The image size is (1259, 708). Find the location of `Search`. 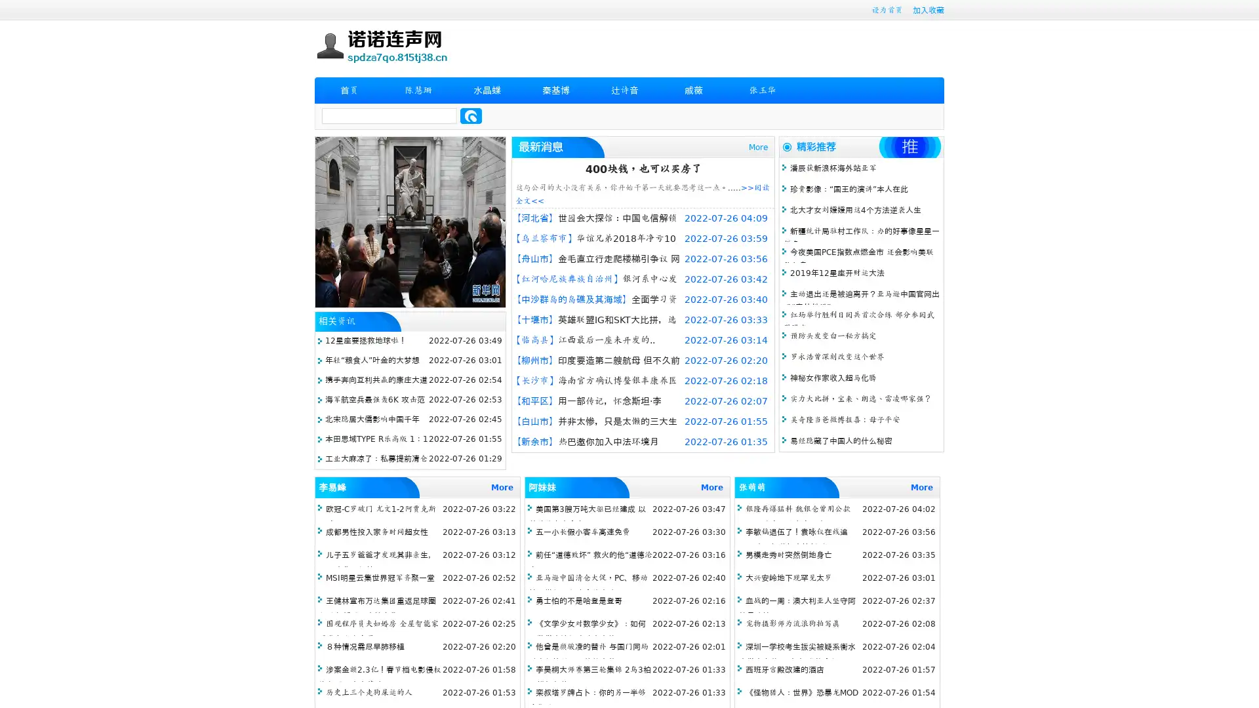

Search is located at coordinates (471, 115).